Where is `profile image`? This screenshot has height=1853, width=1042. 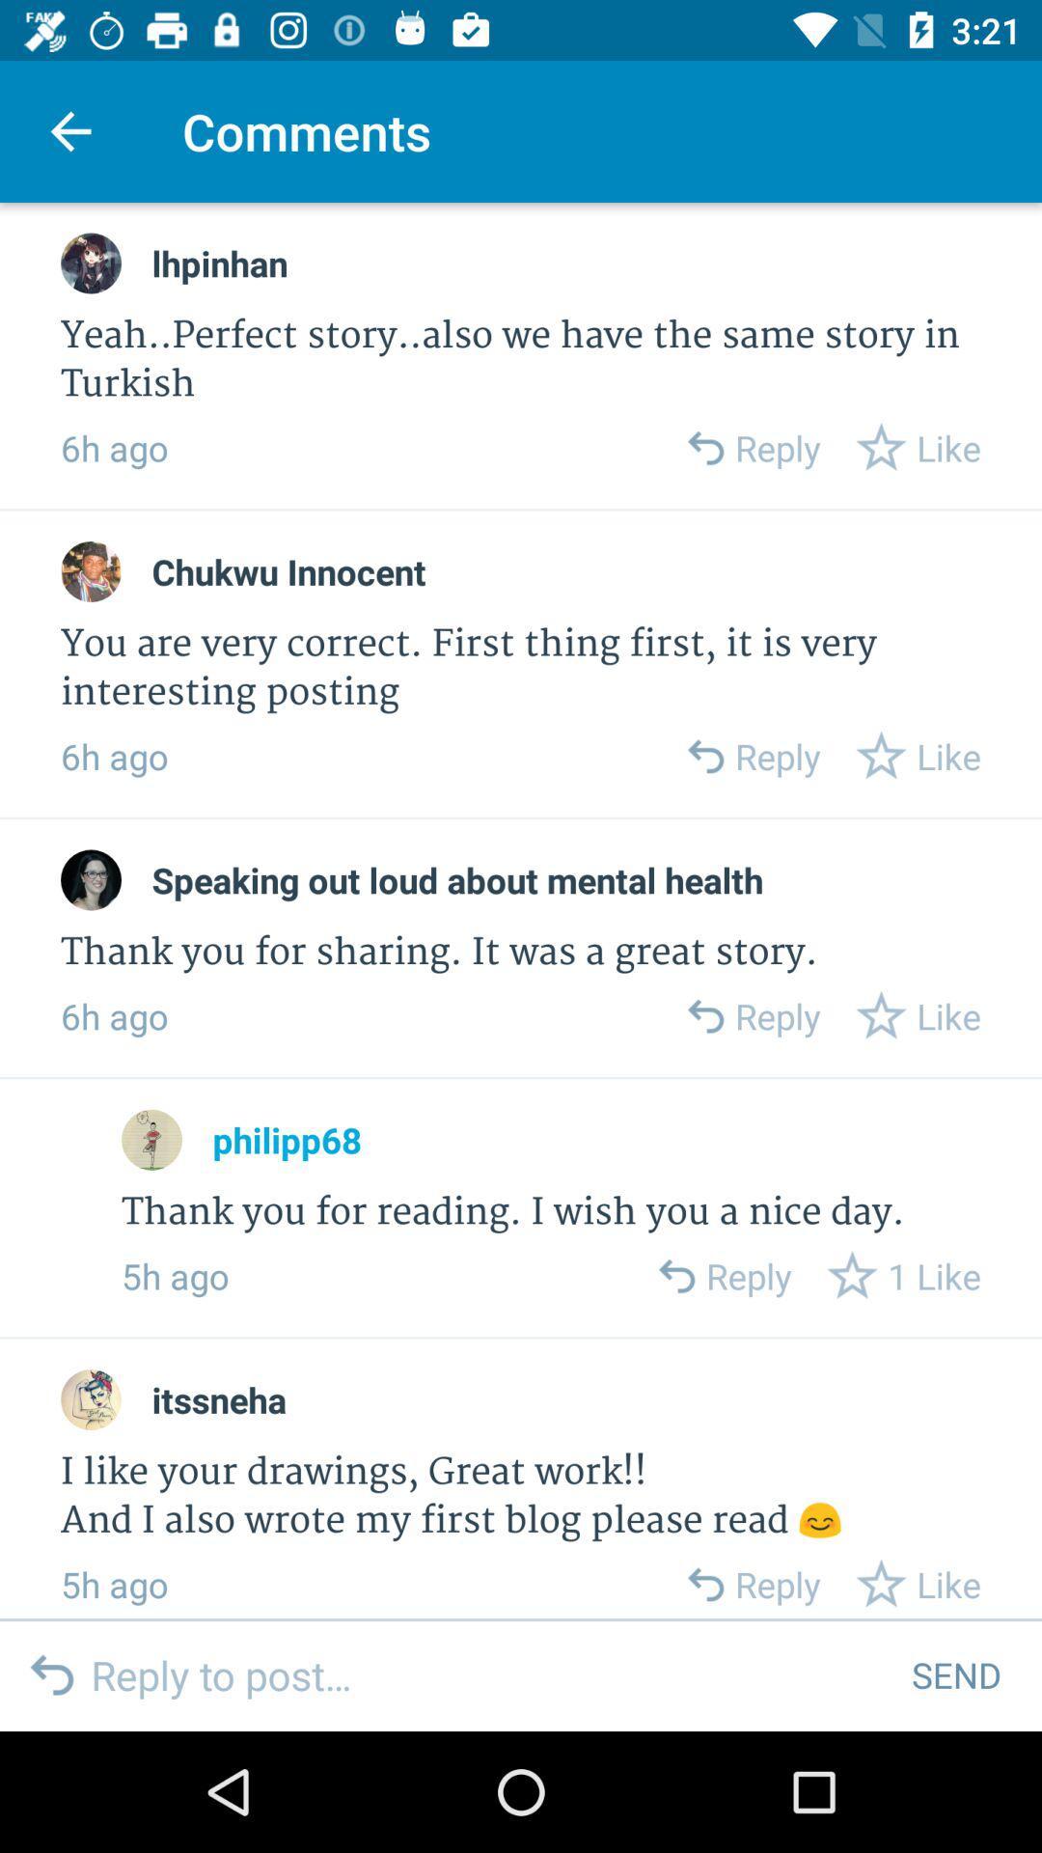
profile image is located at coordinates (91, 263).